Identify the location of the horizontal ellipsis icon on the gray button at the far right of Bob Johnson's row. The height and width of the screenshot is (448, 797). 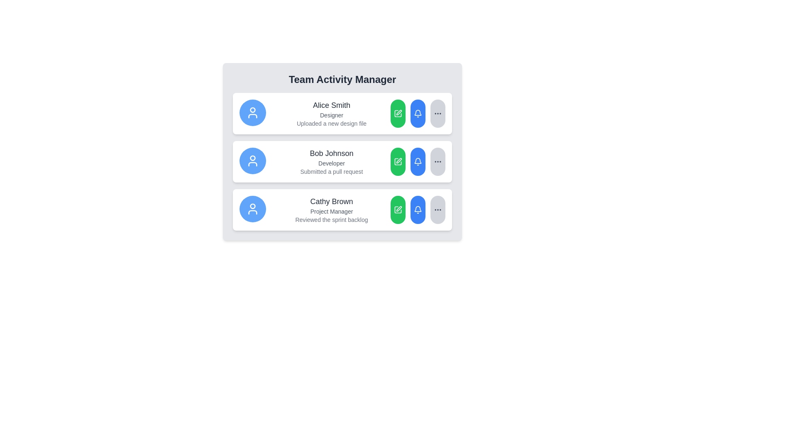
(438, 161).